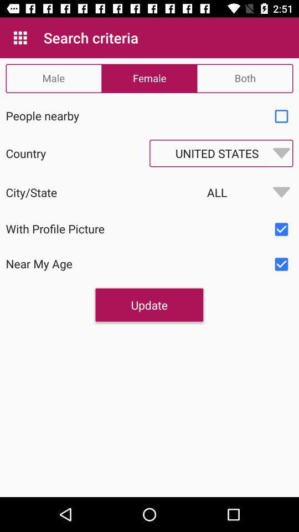 The width and height of the screenshot is (299, 532). What do you see at coordinates (281, 229) in the screenshot?
I see `check/uncheck box` at bounding box center [281, 229].